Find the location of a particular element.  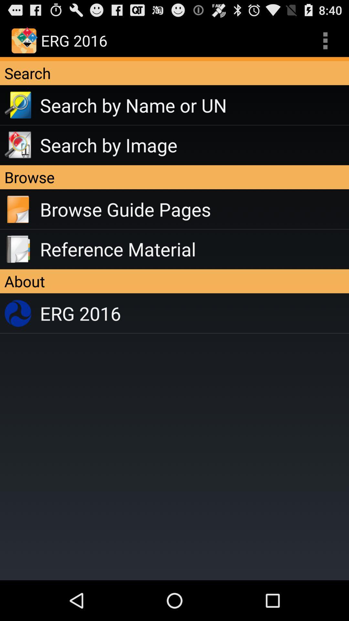

the item at the top right corner is located at coordinates (325, 40).